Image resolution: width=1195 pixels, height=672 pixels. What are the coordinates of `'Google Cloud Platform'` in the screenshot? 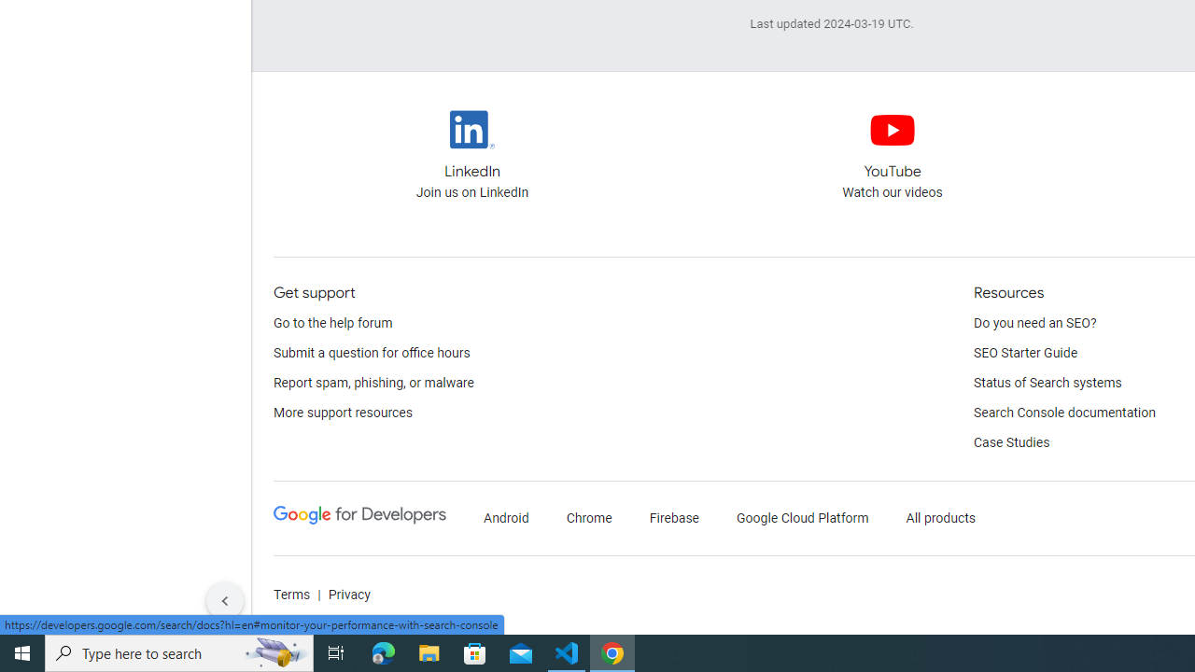 It's located at (802, 518).